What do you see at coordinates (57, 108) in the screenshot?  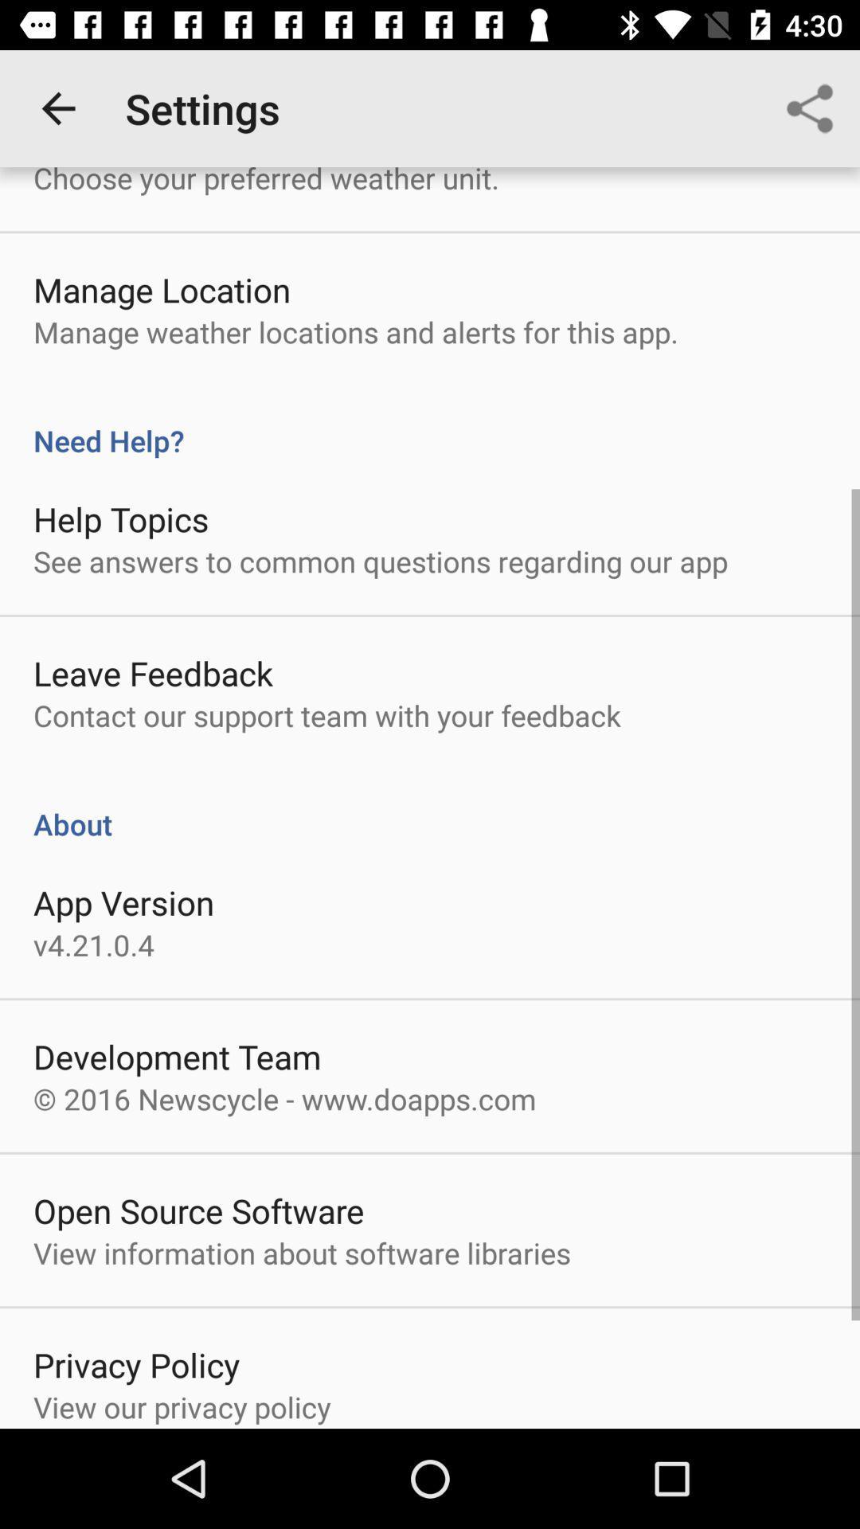 I see `icon next to the settings` at bounding box center [57, 108].